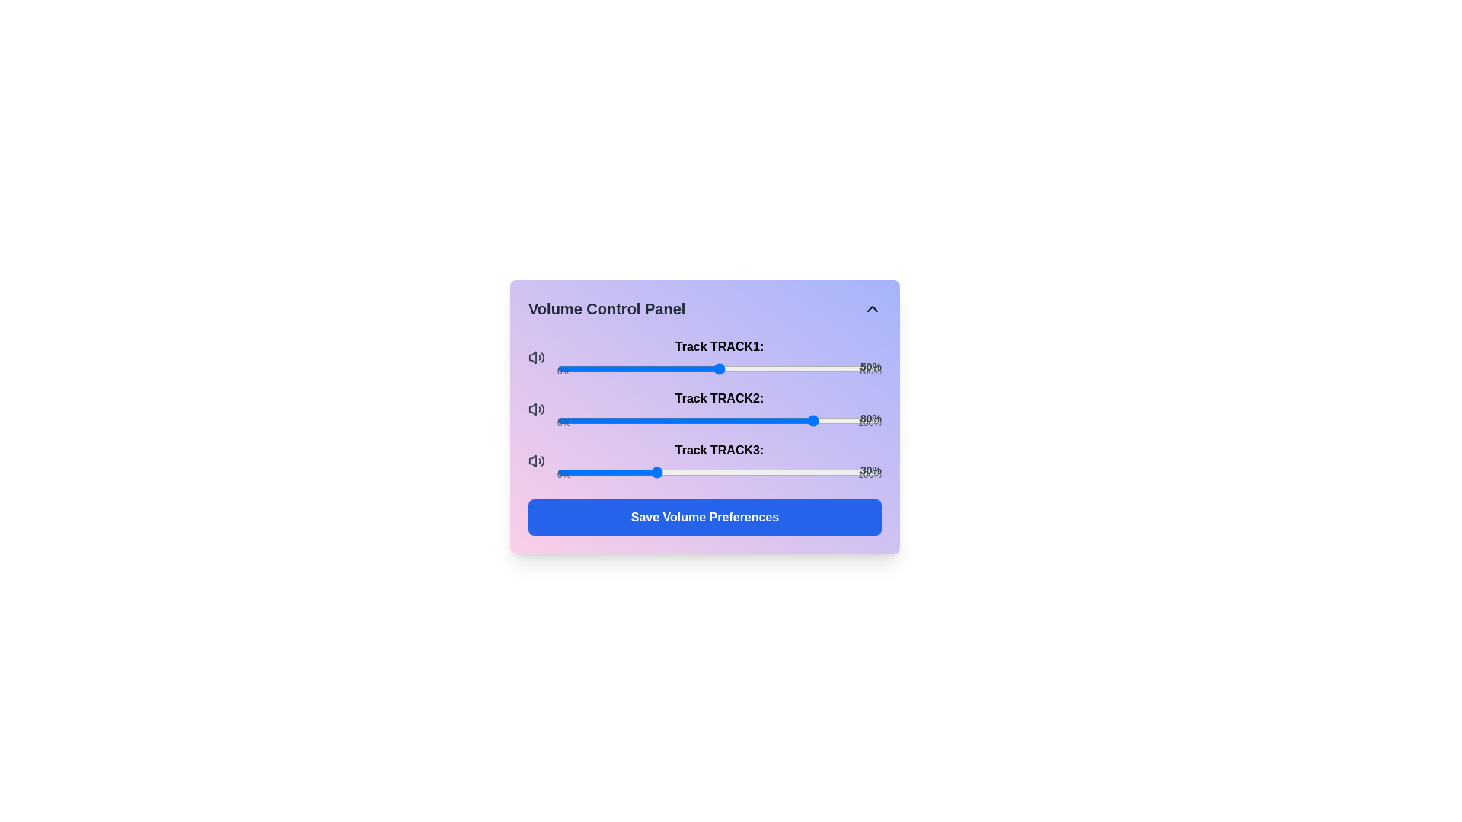 The width and height of the screenshot is (1462, 822). What do you see at coordinates (573, 369) in the screenshot?
I see `the volume of 'Track TRACK1'` at bounding box center [573, 369].